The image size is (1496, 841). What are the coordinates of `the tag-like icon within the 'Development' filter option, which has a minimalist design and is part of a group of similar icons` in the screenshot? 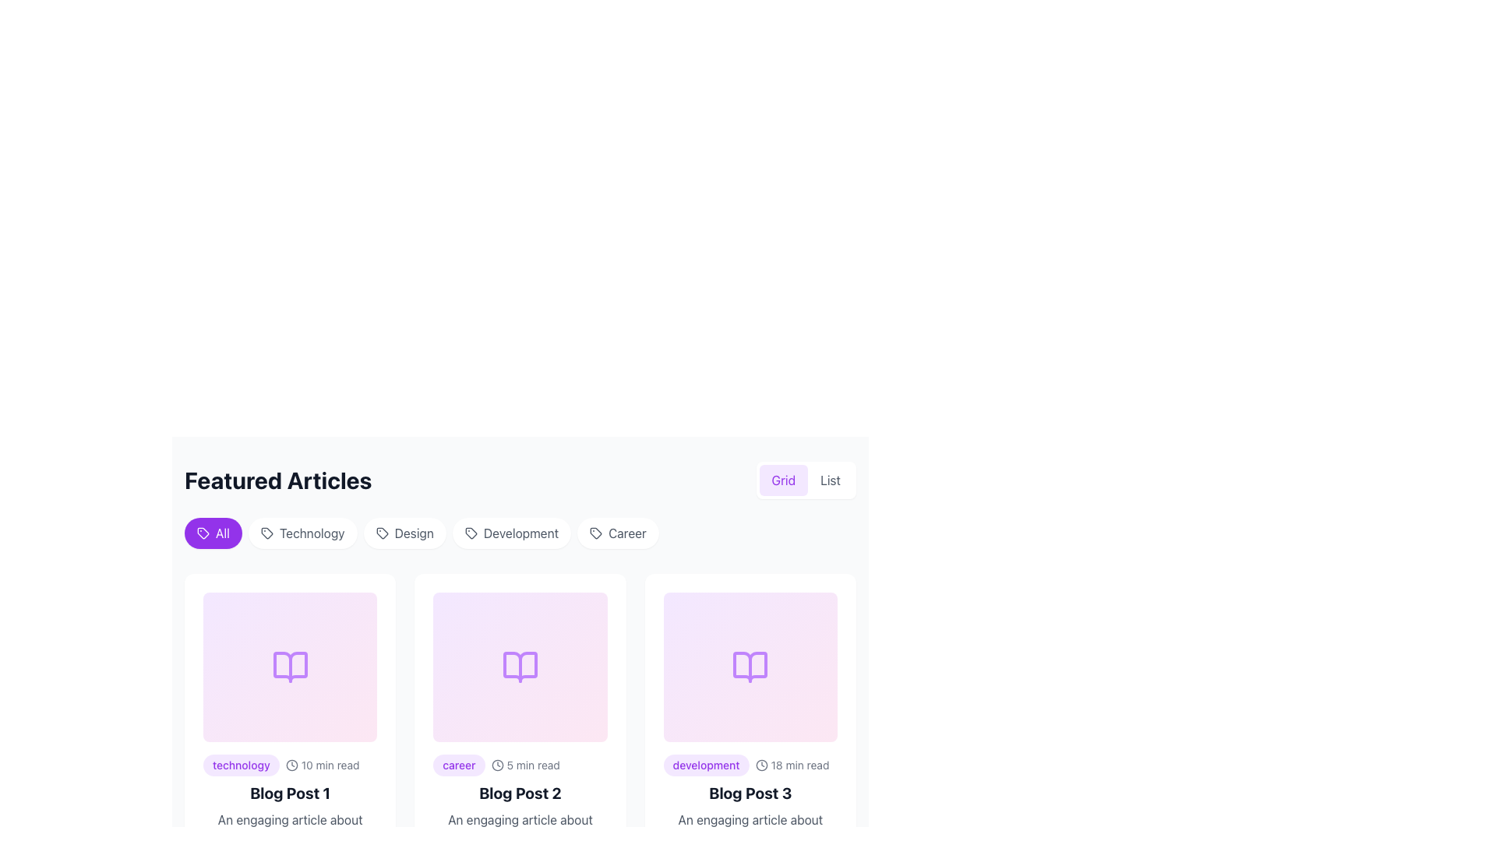 It's located at (470, 533).